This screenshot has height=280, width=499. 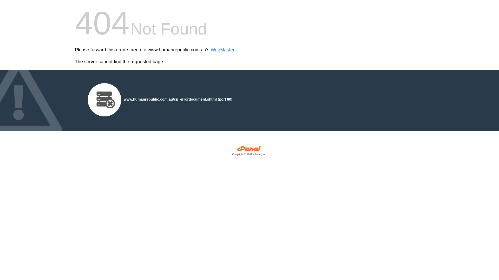 What do you see at coordinates (222, 50) in the screenshot?
I see `'WebMaster'` at bounding box center [222, 50].